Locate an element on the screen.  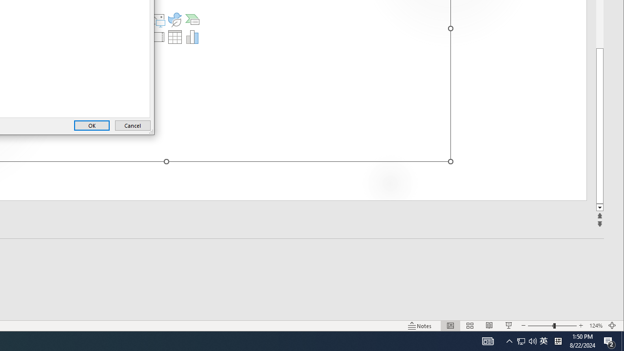
'OK' is located at coordinates (92, 125).